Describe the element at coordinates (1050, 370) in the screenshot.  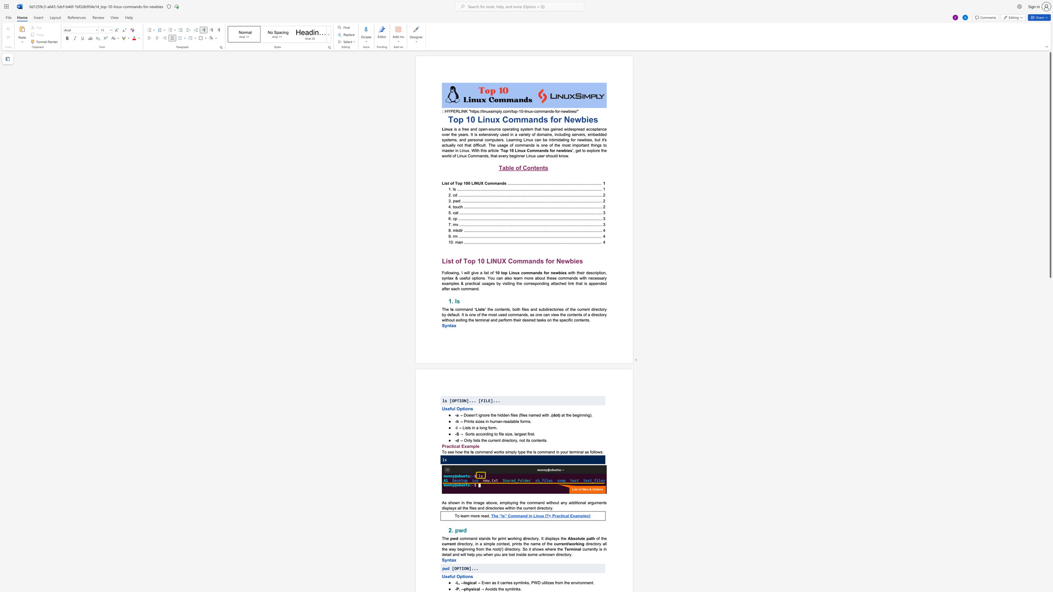
I see `the side scrollbar to bring the page down` at that location.